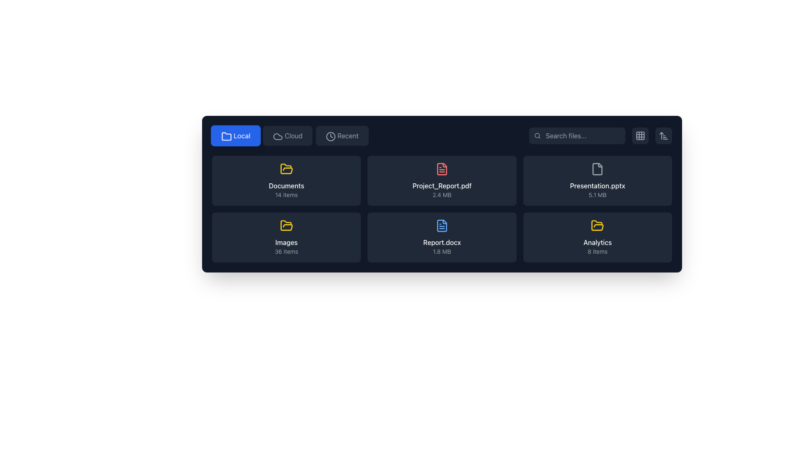  What do you see at coordinates (597, 237) in the screenshot?
I see `the 'Analytics' card located` at bounding box center [597, 237].